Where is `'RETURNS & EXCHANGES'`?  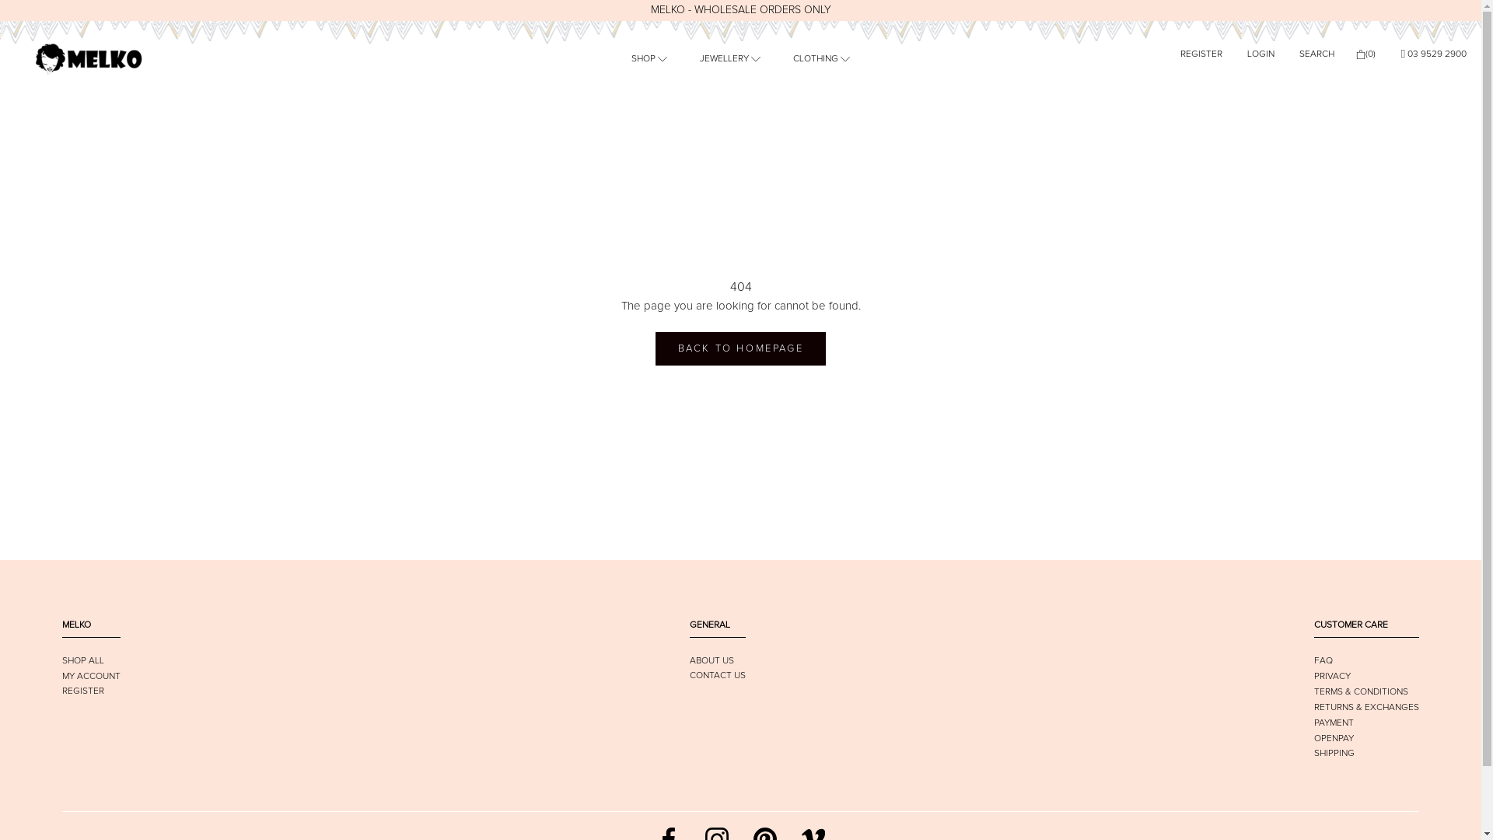
'RETURNS & EXCHANGES' is located at coordinates (1365, 708).